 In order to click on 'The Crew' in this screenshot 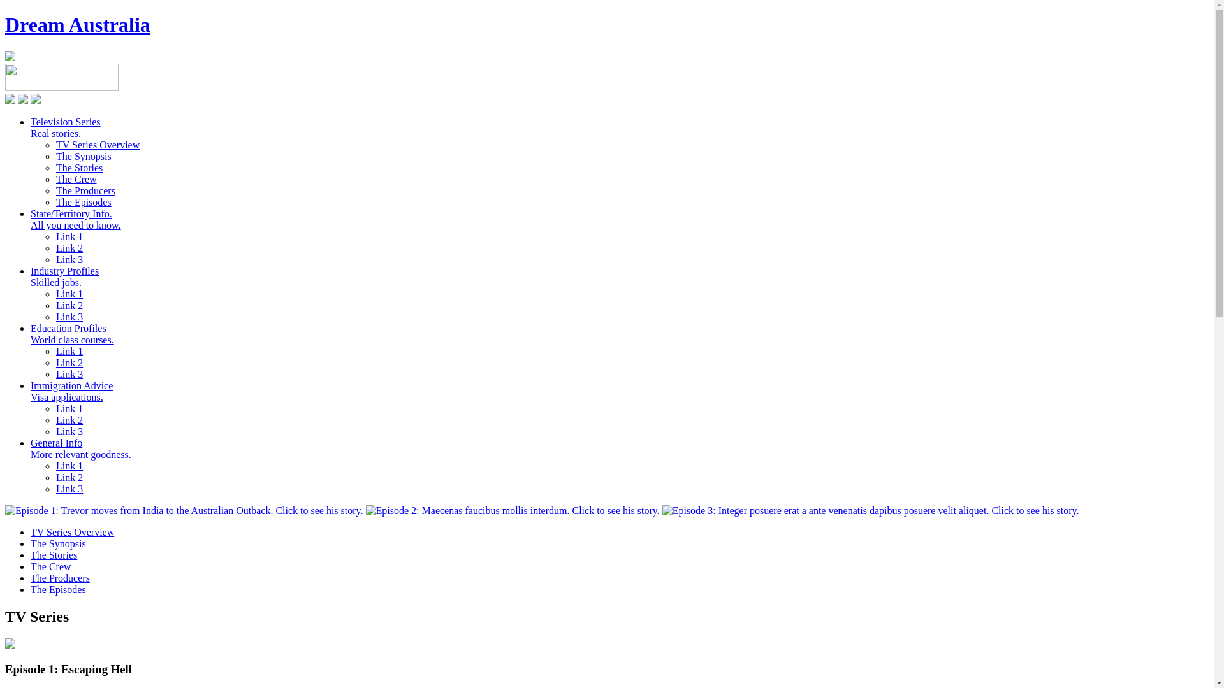, I will do `click(51, 566)`.